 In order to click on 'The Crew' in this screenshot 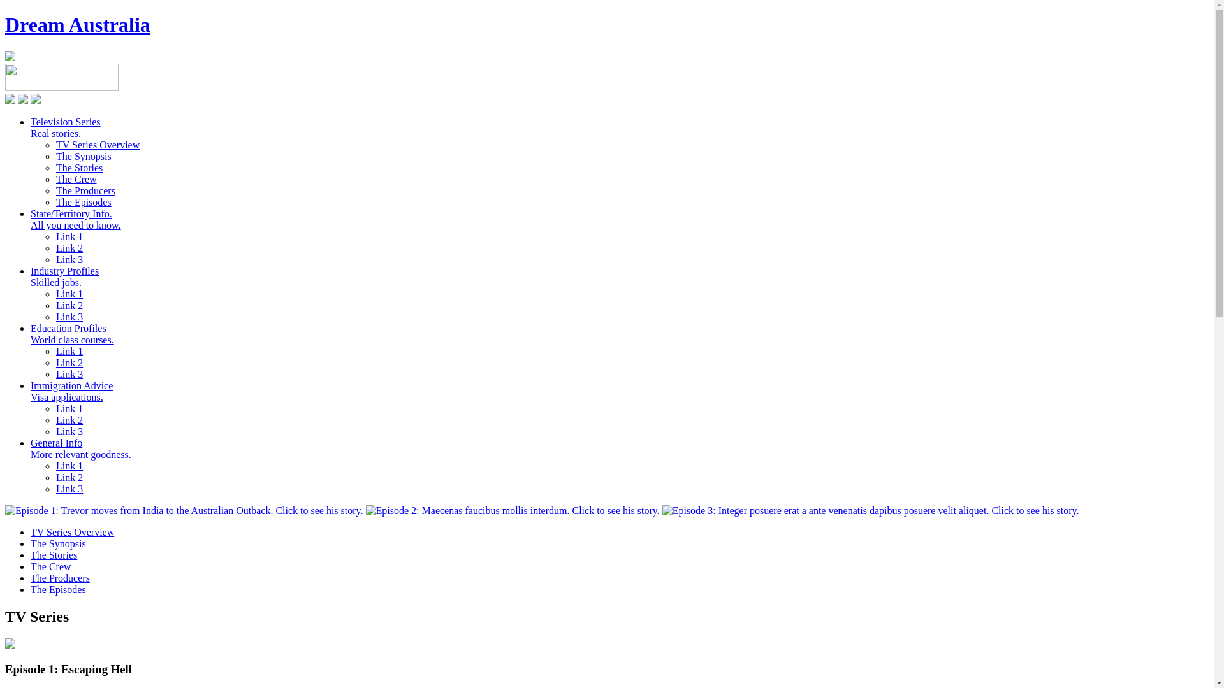, I will do `click(51, 566)`.